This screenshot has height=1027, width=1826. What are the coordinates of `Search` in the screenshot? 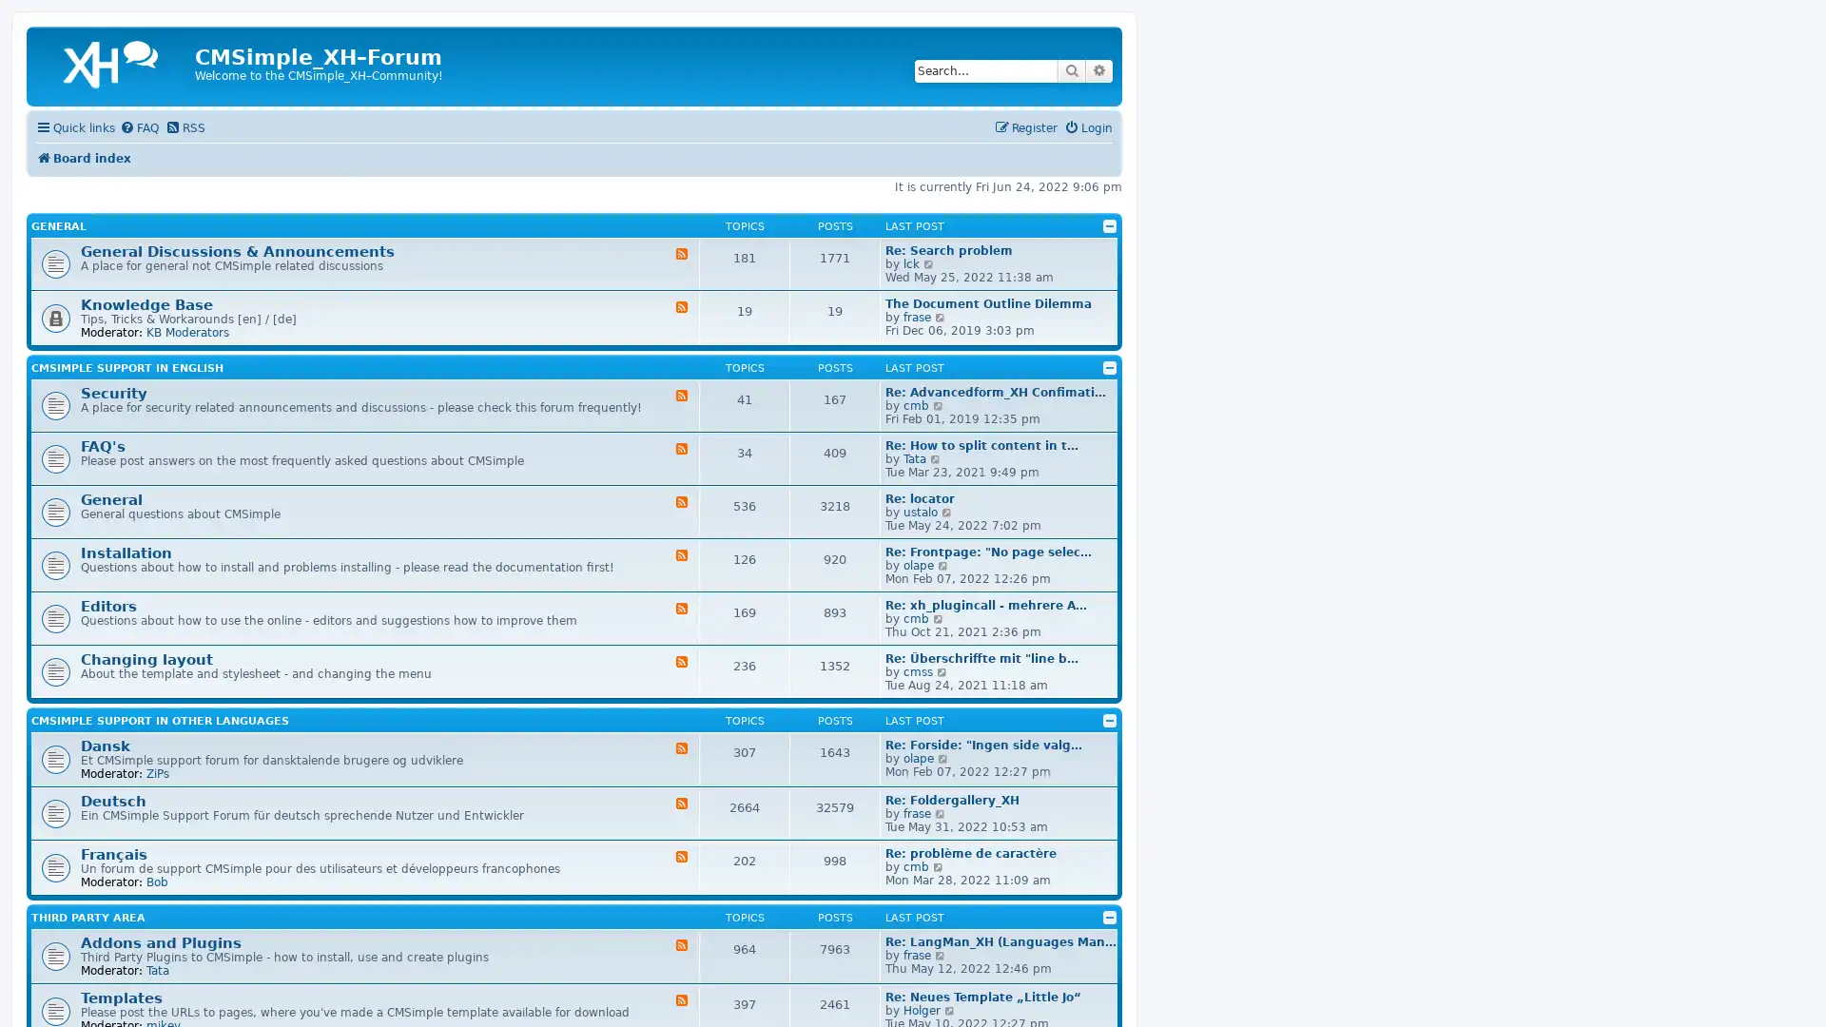 It's located at (1072, 69).